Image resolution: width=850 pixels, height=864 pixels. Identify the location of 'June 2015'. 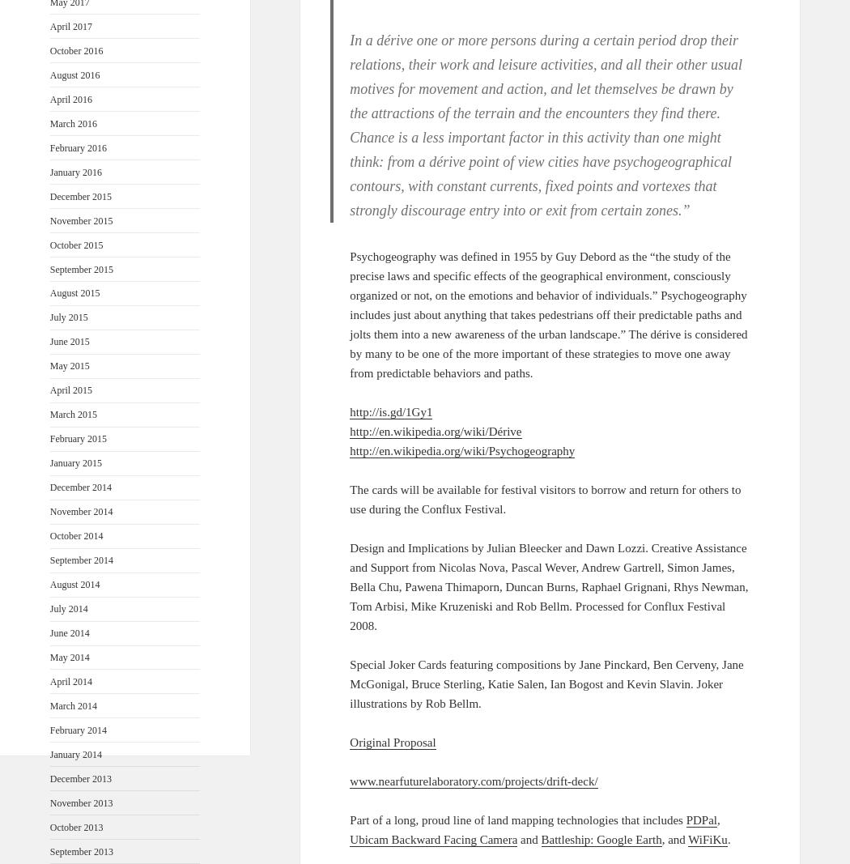
(69, 340).